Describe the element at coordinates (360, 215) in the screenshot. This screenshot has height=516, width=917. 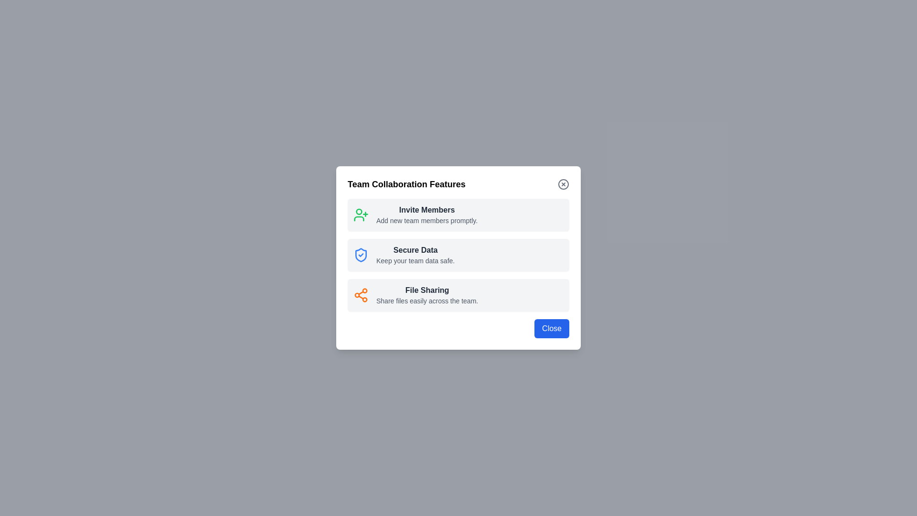
I see `the feature icon corresponding to Invite Members` at that location.